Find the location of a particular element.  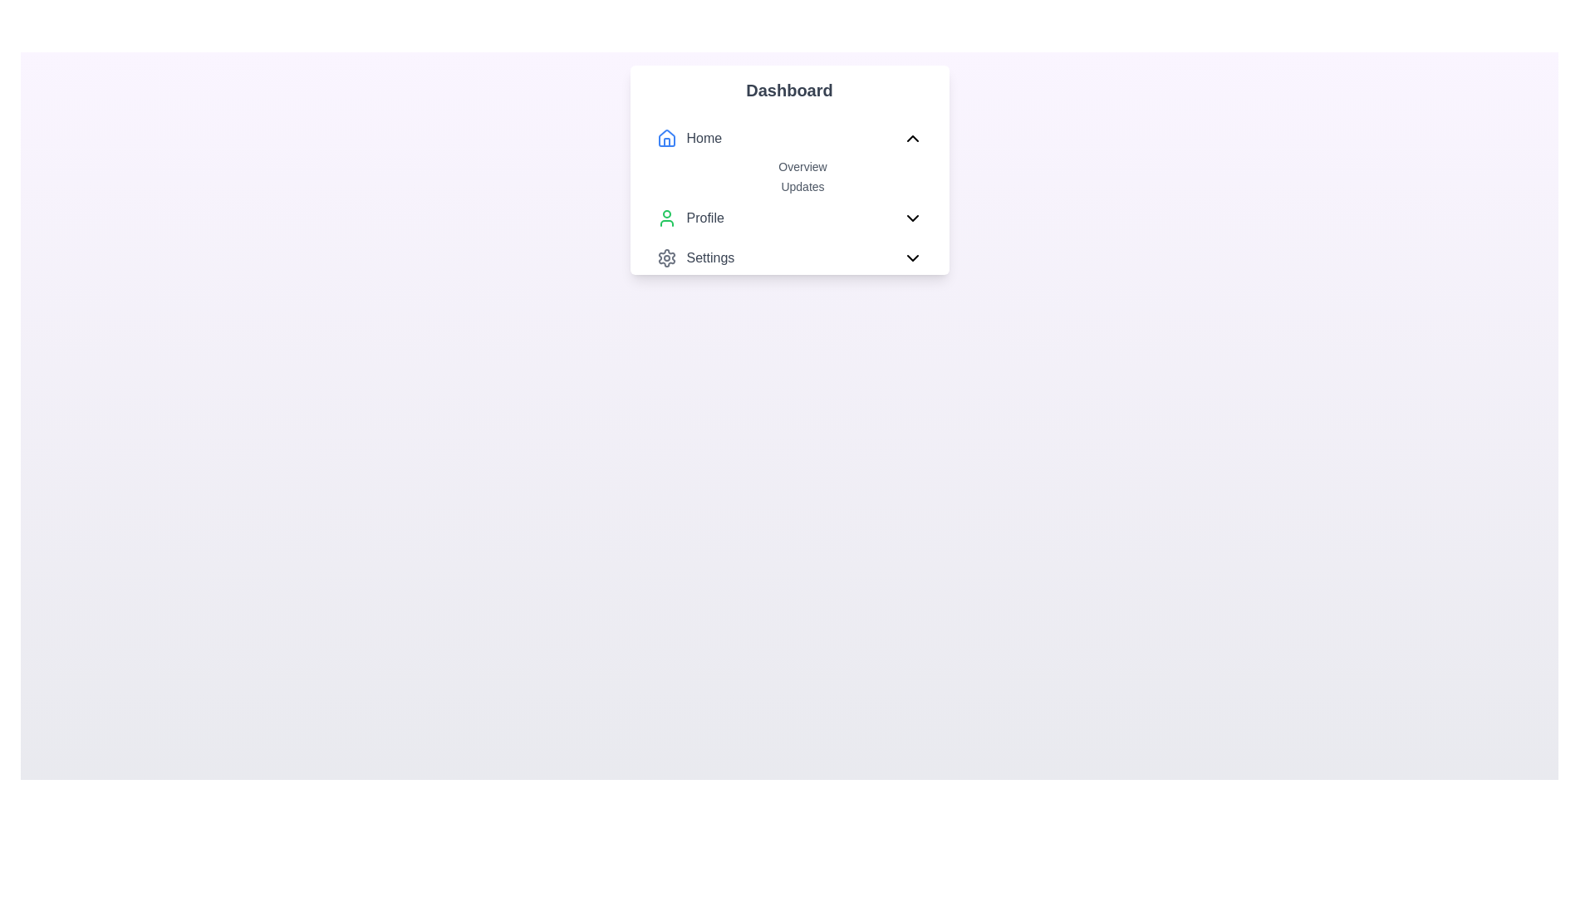

the 'Settings' text label, which is the third item in the menu after 'Home' and 'Profile' is located at coordinates (710, 258).